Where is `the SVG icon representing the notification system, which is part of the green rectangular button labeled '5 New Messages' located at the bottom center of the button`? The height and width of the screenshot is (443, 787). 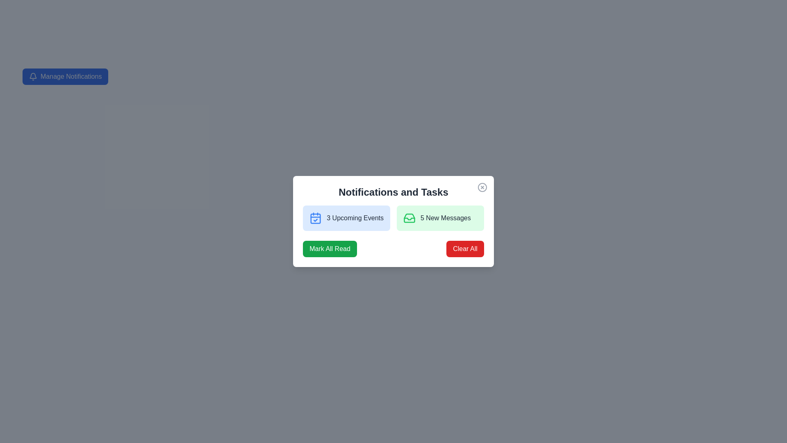
the SVG icon representing the notification system, which is part of the green rectangular button labeled '5 New Messages' located at the bottom center of the button is located at coordinates (409, 218).